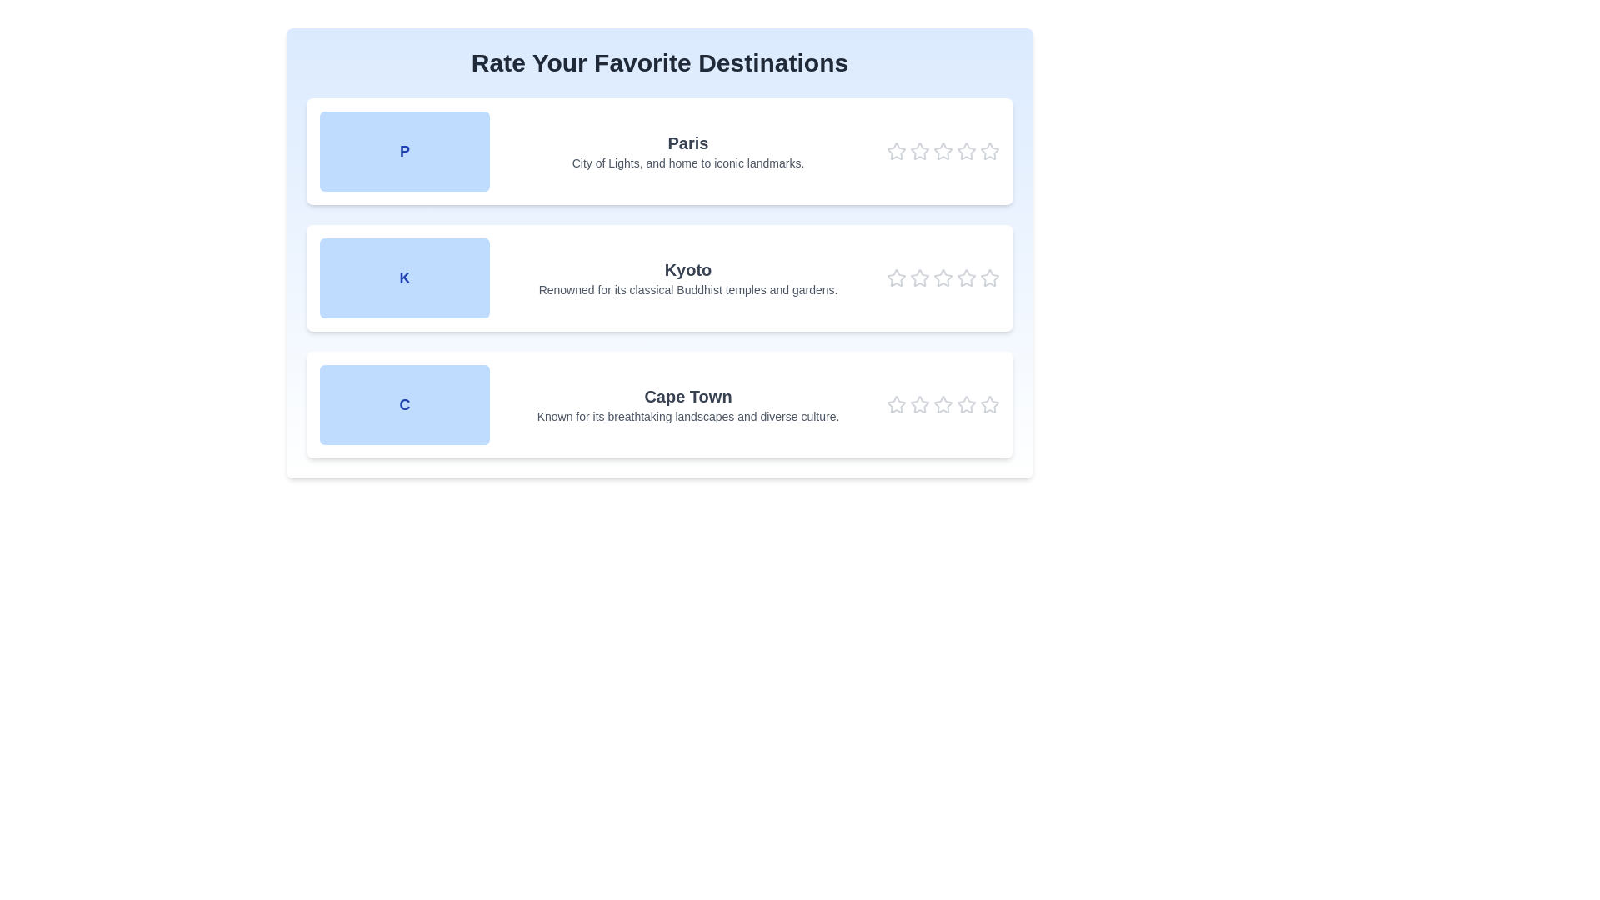 The image size is (1600, 900). What do you see at coordinates (967, 151) in the screenshot?
I see `the fourth star in the rating component for 'Paris'` at bounding box center [967, 151].